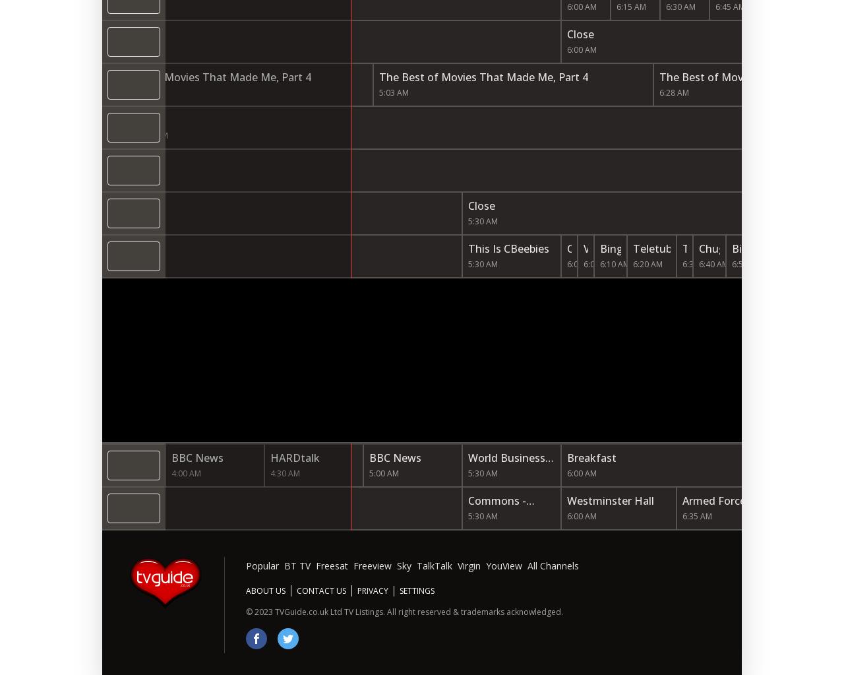 Image resolution: width=844 pixels, height=675 pixels. Describe the element at coordinates (393, 92) in the screenshot. I see `'5:03 AM'` at that location.